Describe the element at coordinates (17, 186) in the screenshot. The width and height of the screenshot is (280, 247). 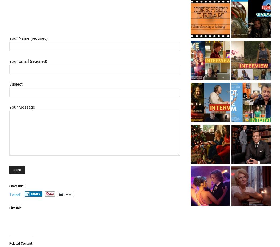
I see `'Share this:'` at that location.